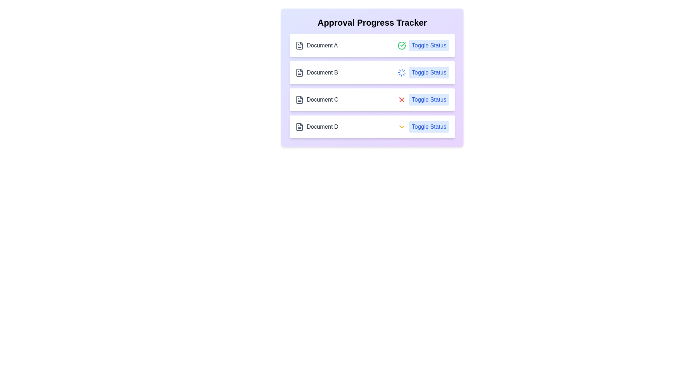 This screenshot has width=684, height=385. I want to click on the 'Toggle Status' button, which is a rectangular button with a blue background and rounded corners, located at the bottom right of the last row adjacent to 'Document D', so click(429, 126).